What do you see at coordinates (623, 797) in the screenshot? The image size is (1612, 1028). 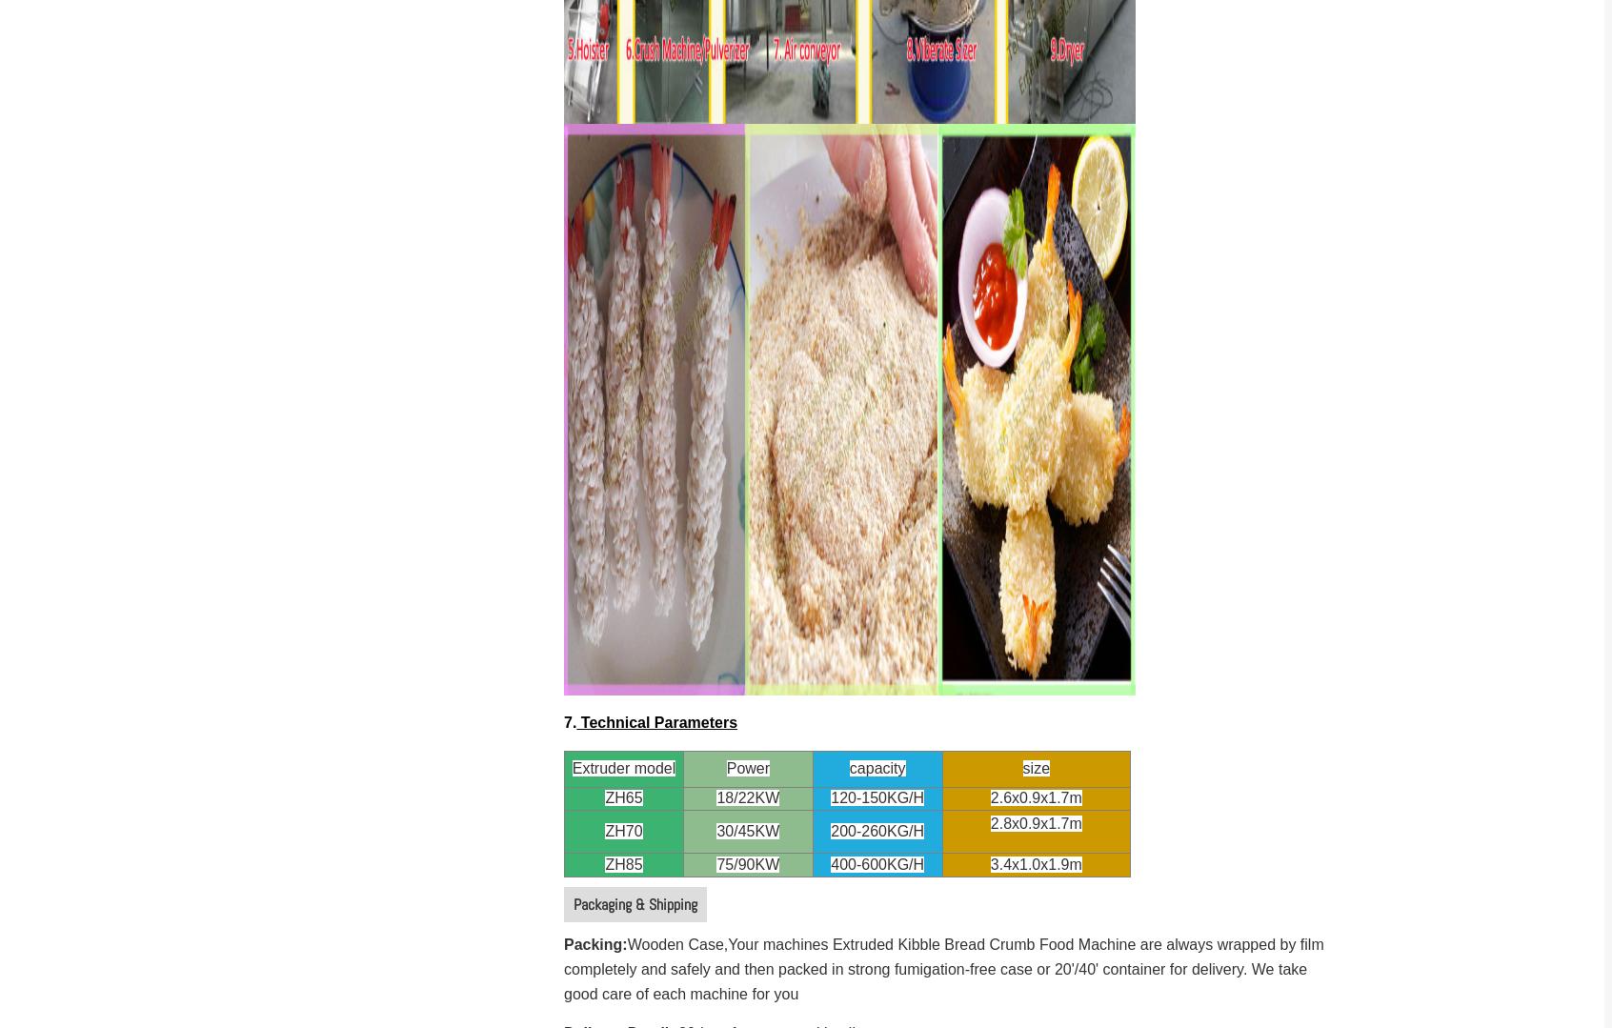 I see `'ZH65'` at bounding box center [623, 797].